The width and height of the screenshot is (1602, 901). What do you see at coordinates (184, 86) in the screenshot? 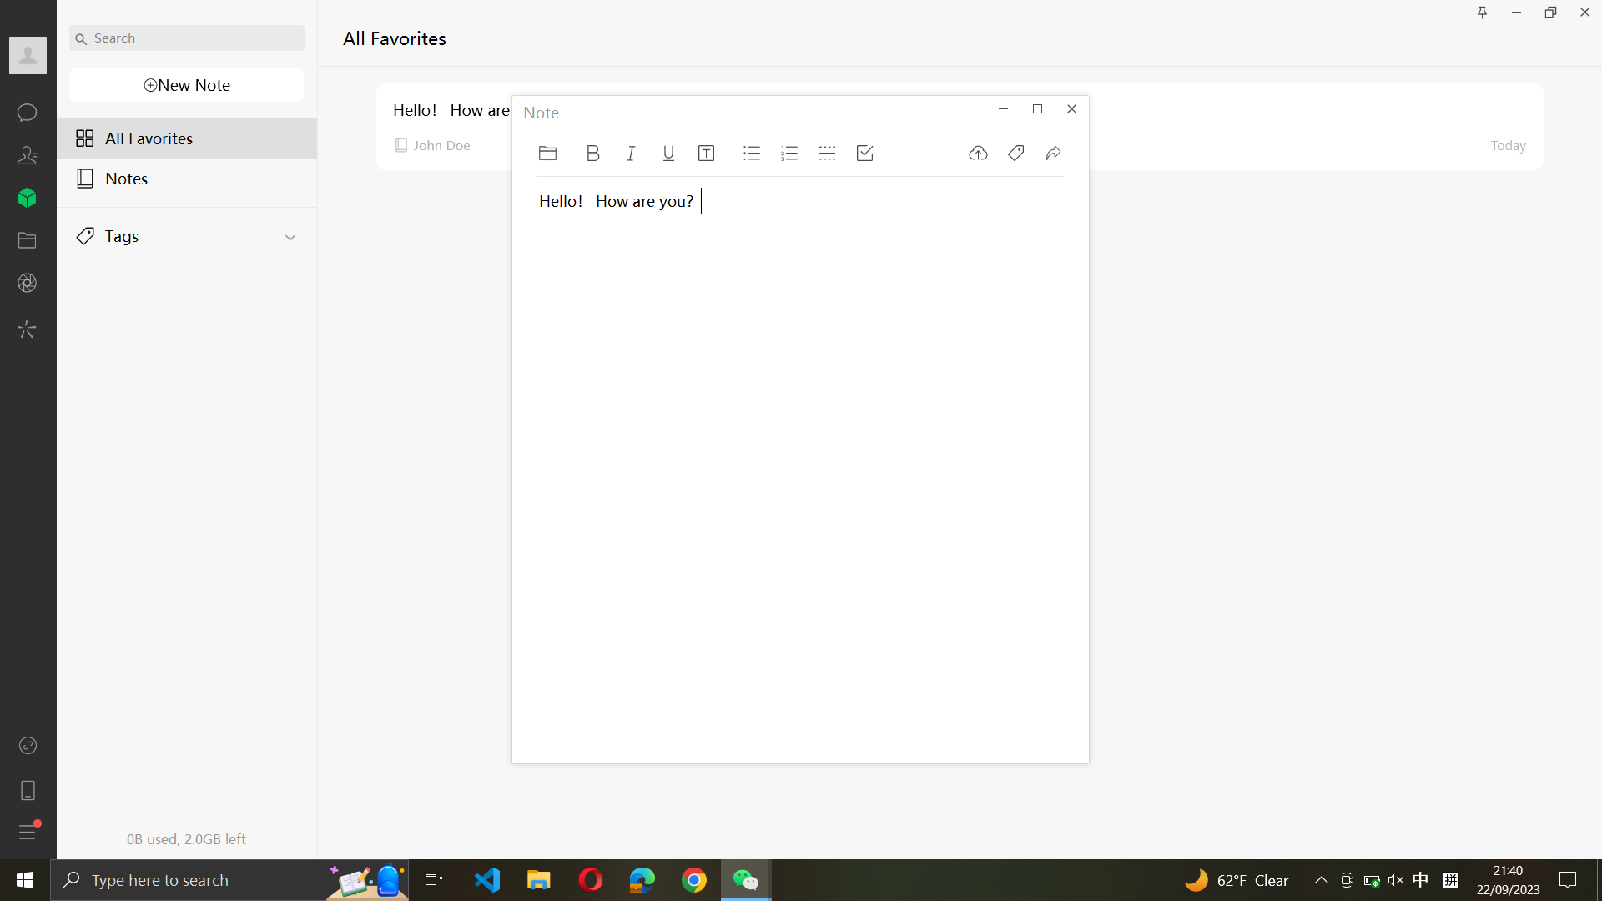
I see `a new note creation and input the text - "This is a New Note` at bounding box center [184, 86].